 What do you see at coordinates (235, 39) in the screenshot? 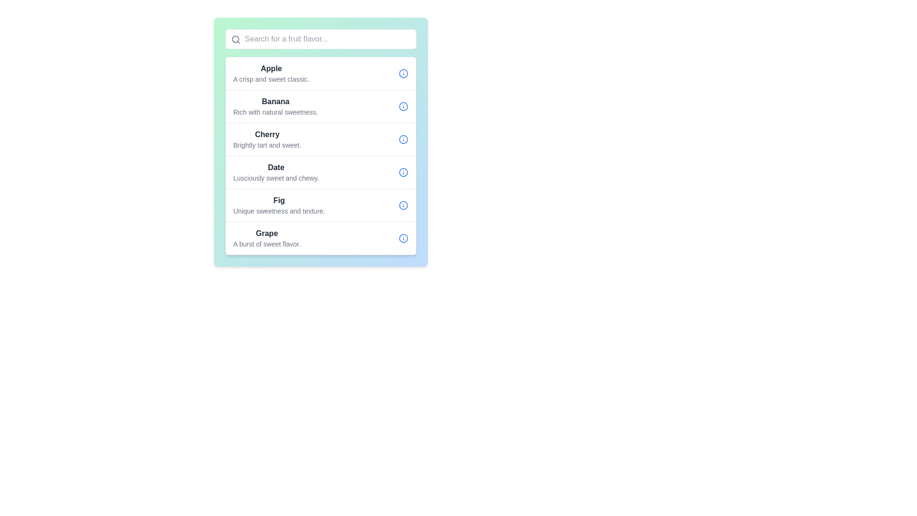
I see `the Decorative SVG circle element located in the upper-left corner of the input bar within the magnifying glass icon` at bounding box center [235, 39].